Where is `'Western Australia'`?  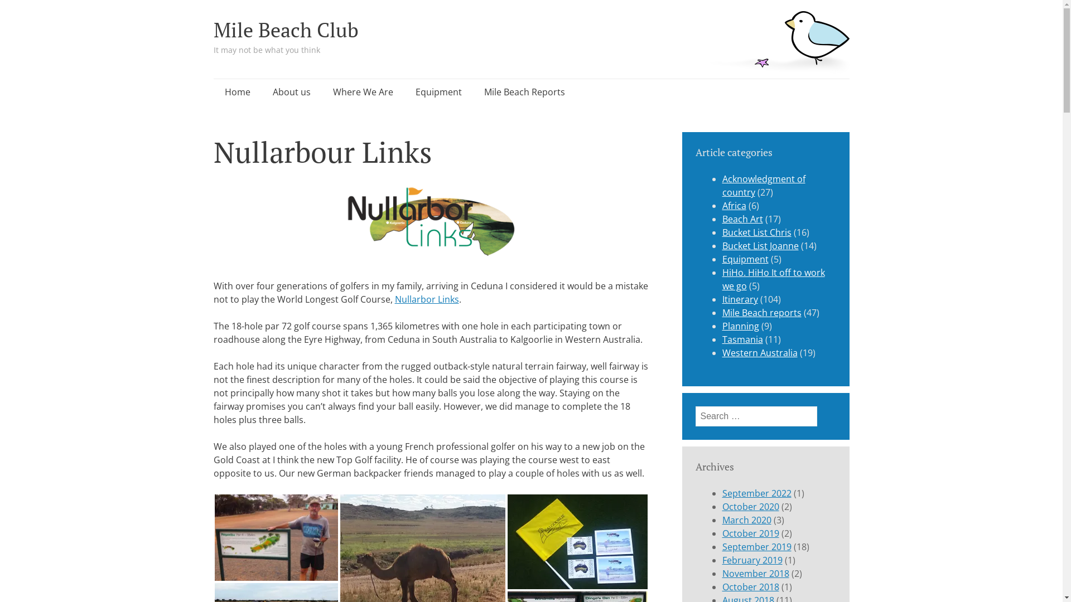 'Western Australia' is located at coordinates (759, 352).